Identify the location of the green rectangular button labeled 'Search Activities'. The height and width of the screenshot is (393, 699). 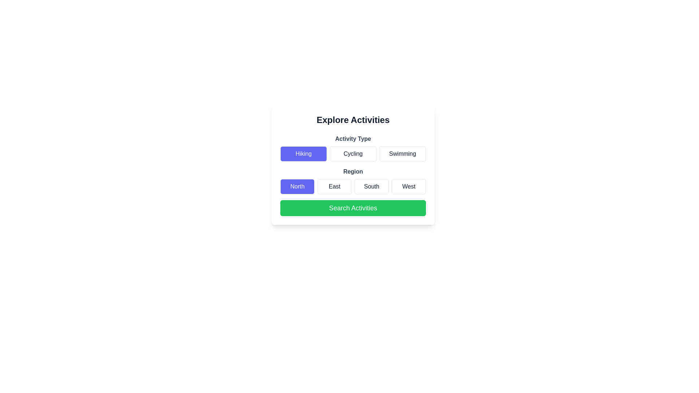
(353, 208).